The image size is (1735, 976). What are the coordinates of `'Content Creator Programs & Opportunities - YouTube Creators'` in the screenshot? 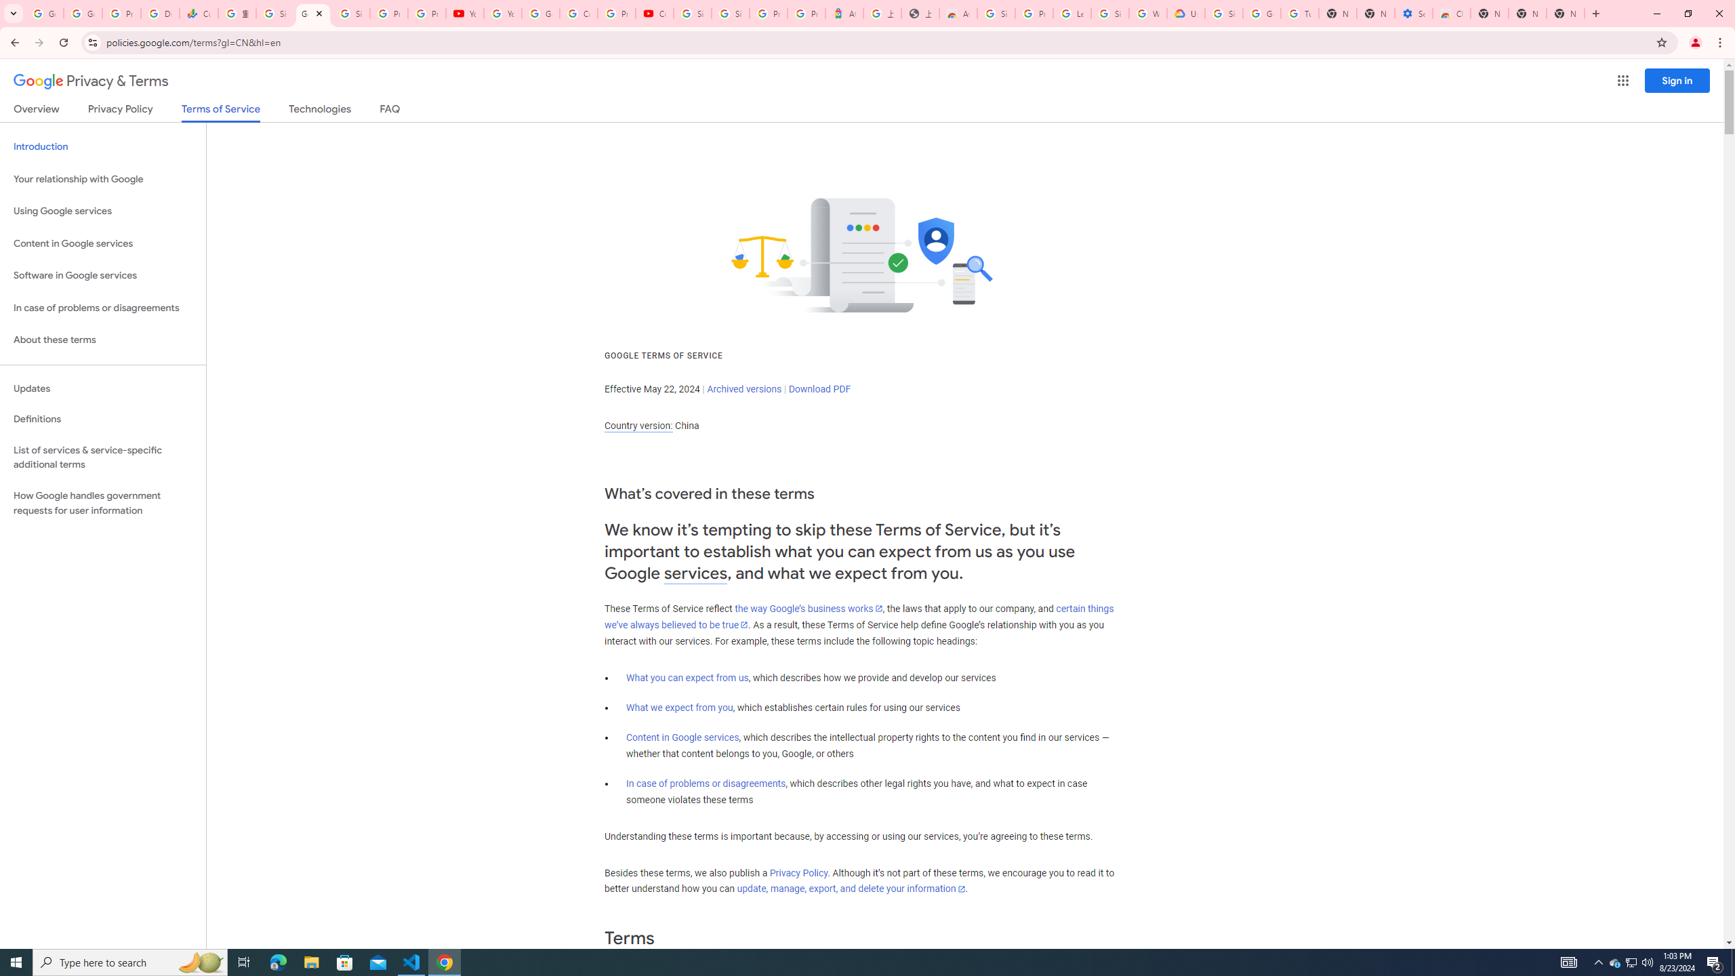 It's located at (655, 13).